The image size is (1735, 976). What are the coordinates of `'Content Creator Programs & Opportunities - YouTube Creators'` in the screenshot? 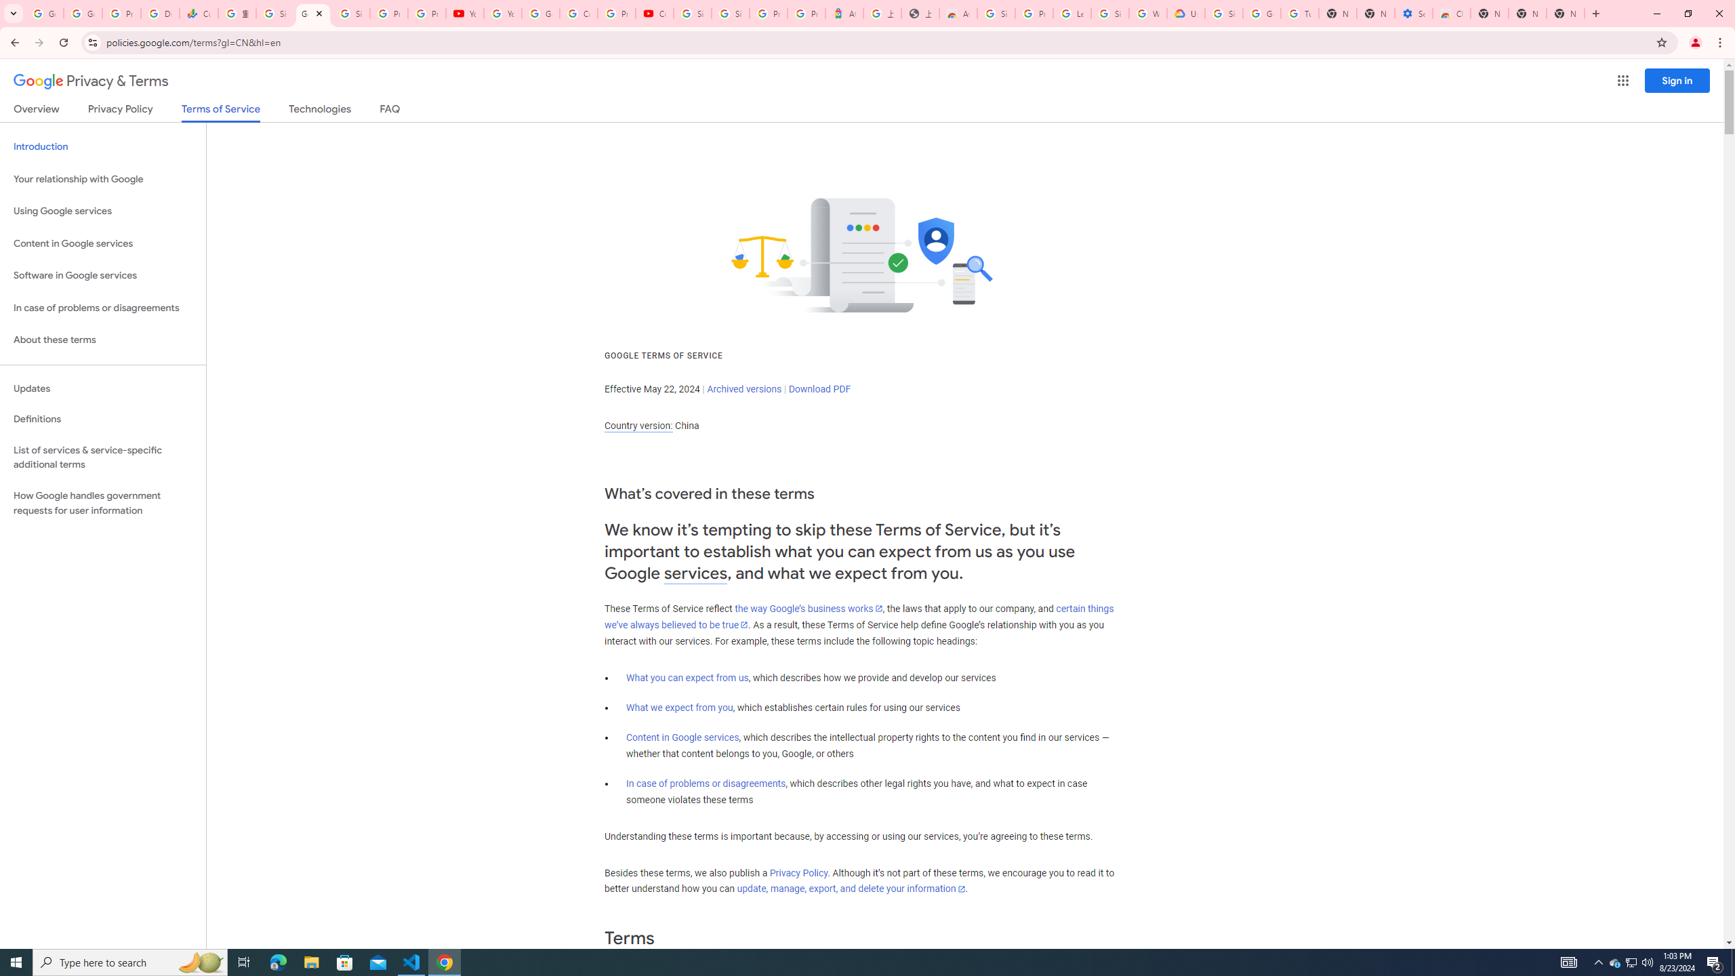 It's located at (655, 13).